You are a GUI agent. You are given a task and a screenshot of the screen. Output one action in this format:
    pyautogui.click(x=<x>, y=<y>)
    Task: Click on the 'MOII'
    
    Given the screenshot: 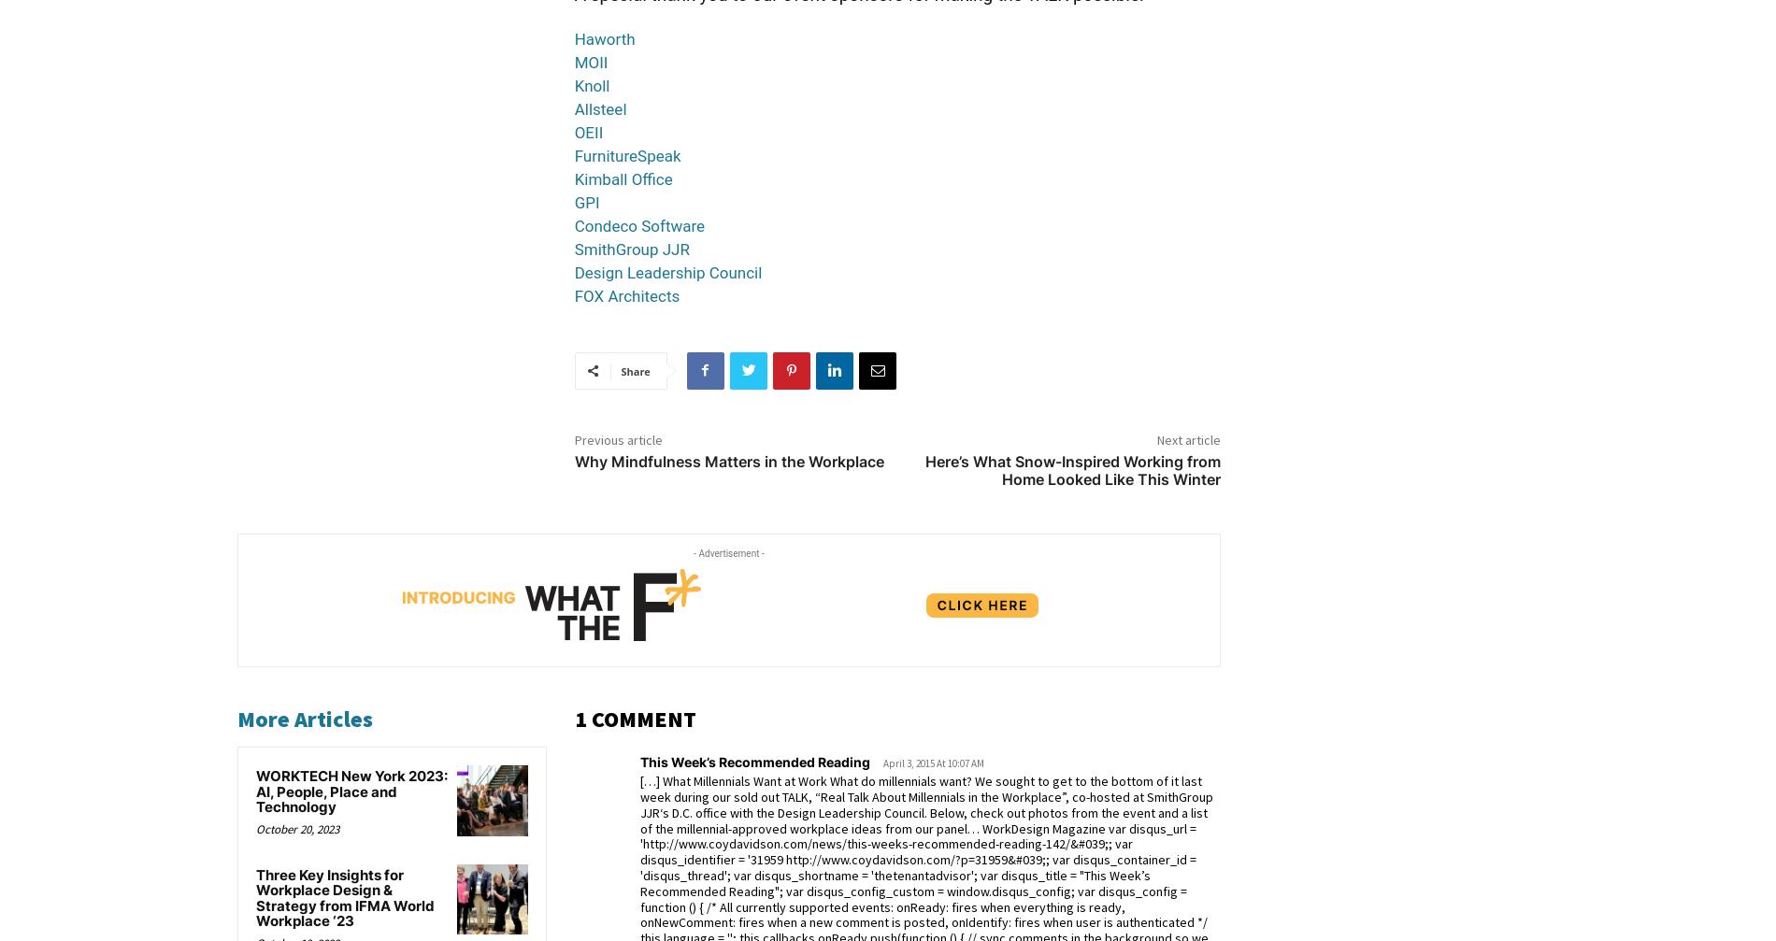 What is the action you would take?
    pyautogui.click(x=590, y=61)
    